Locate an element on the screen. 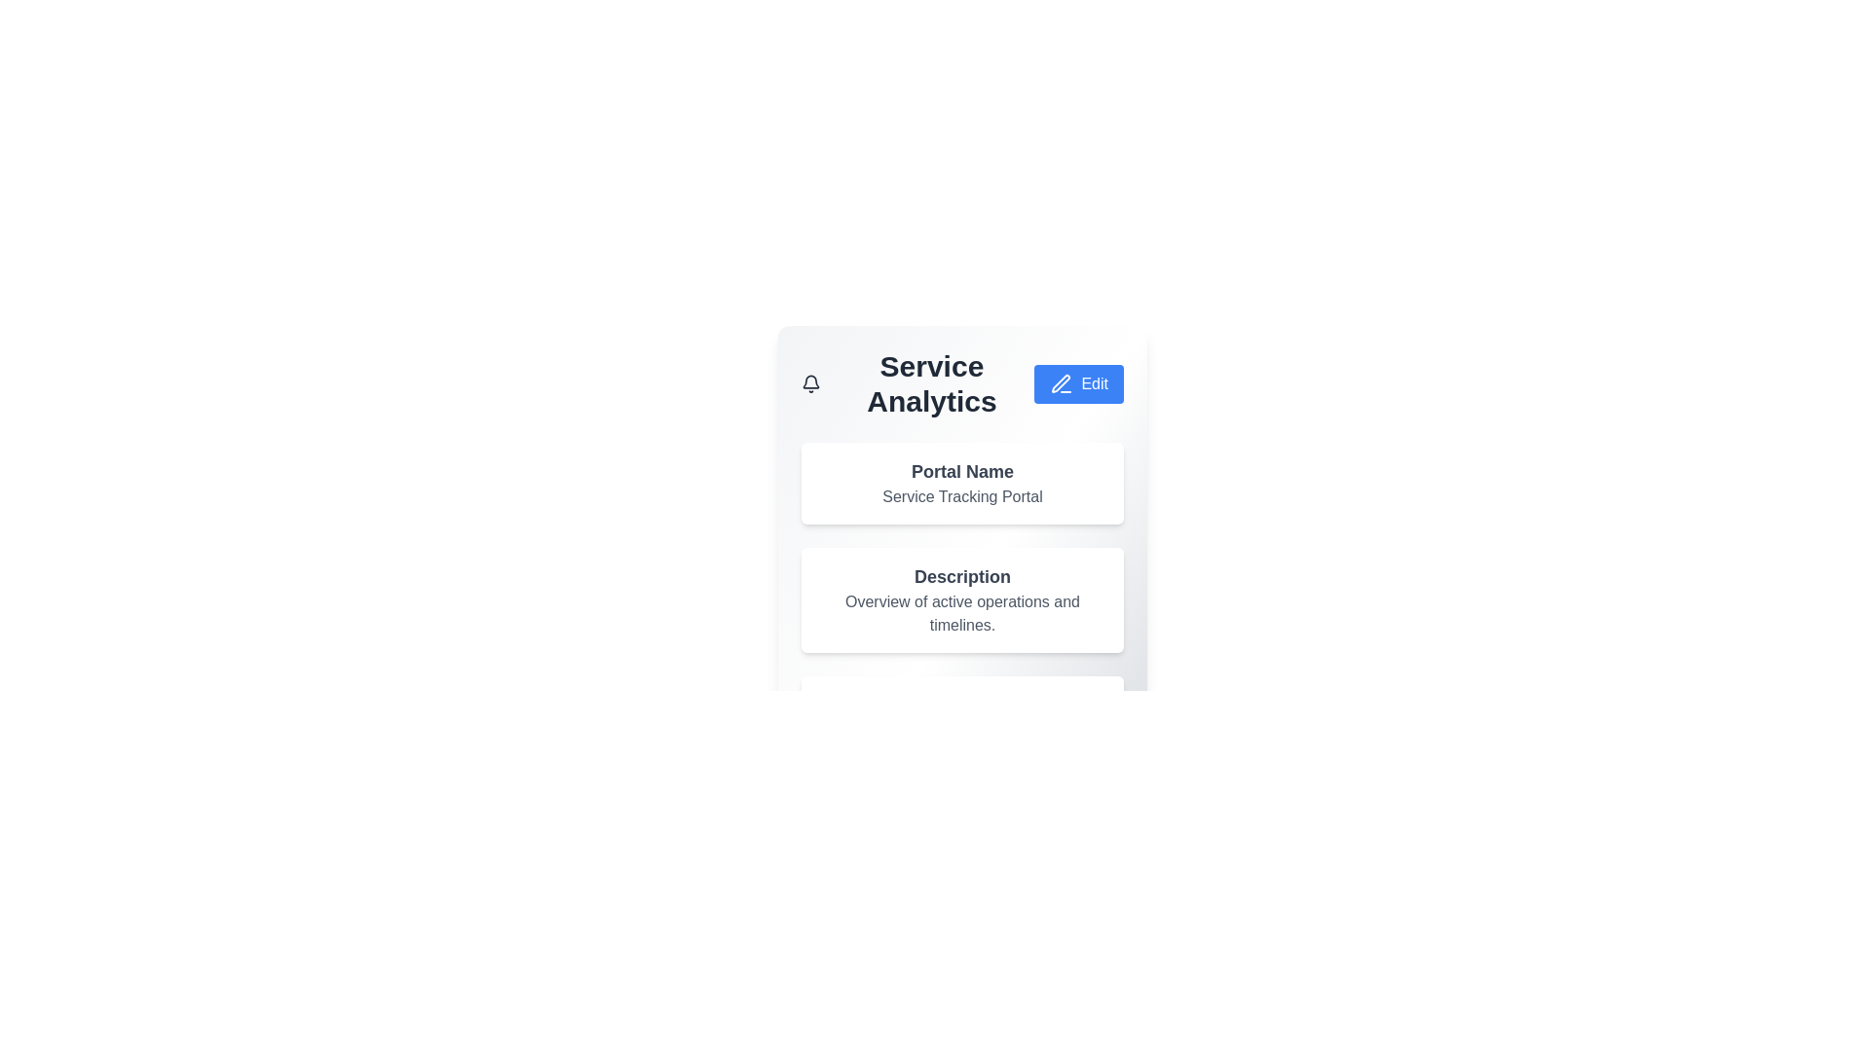 Image resolution: width=1870 pixels, height=1051 pixels. the rectangular blue button labeled 'Edit' with a pen icon, located at the top-right corner of the 'Service Analytics' section is located at coordinates (1078, 383).